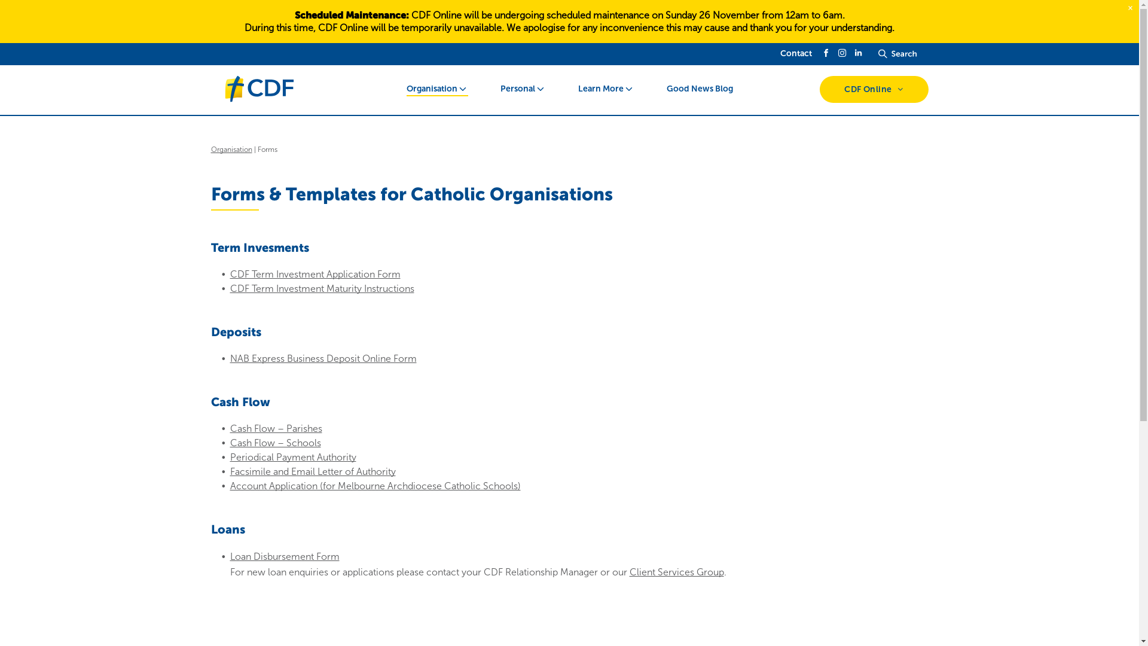 This screenshot has width=1148, height=646. I want to click on 'Loan Disbursement Form', so click(283, 556).